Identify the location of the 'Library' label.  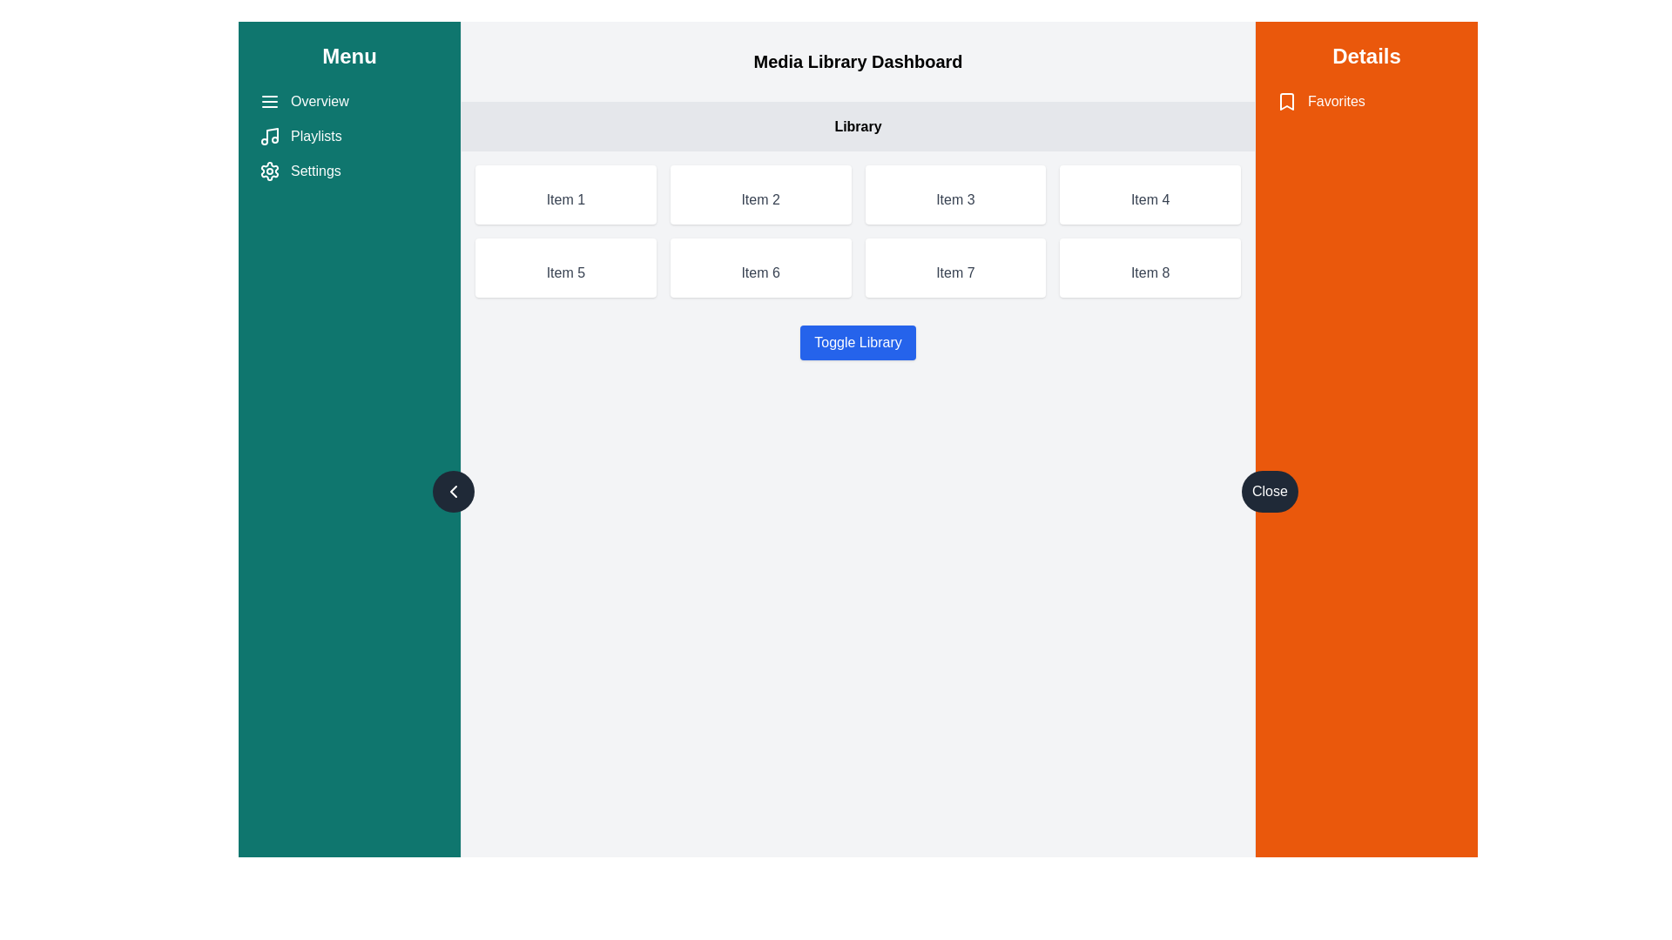
(858, 126).